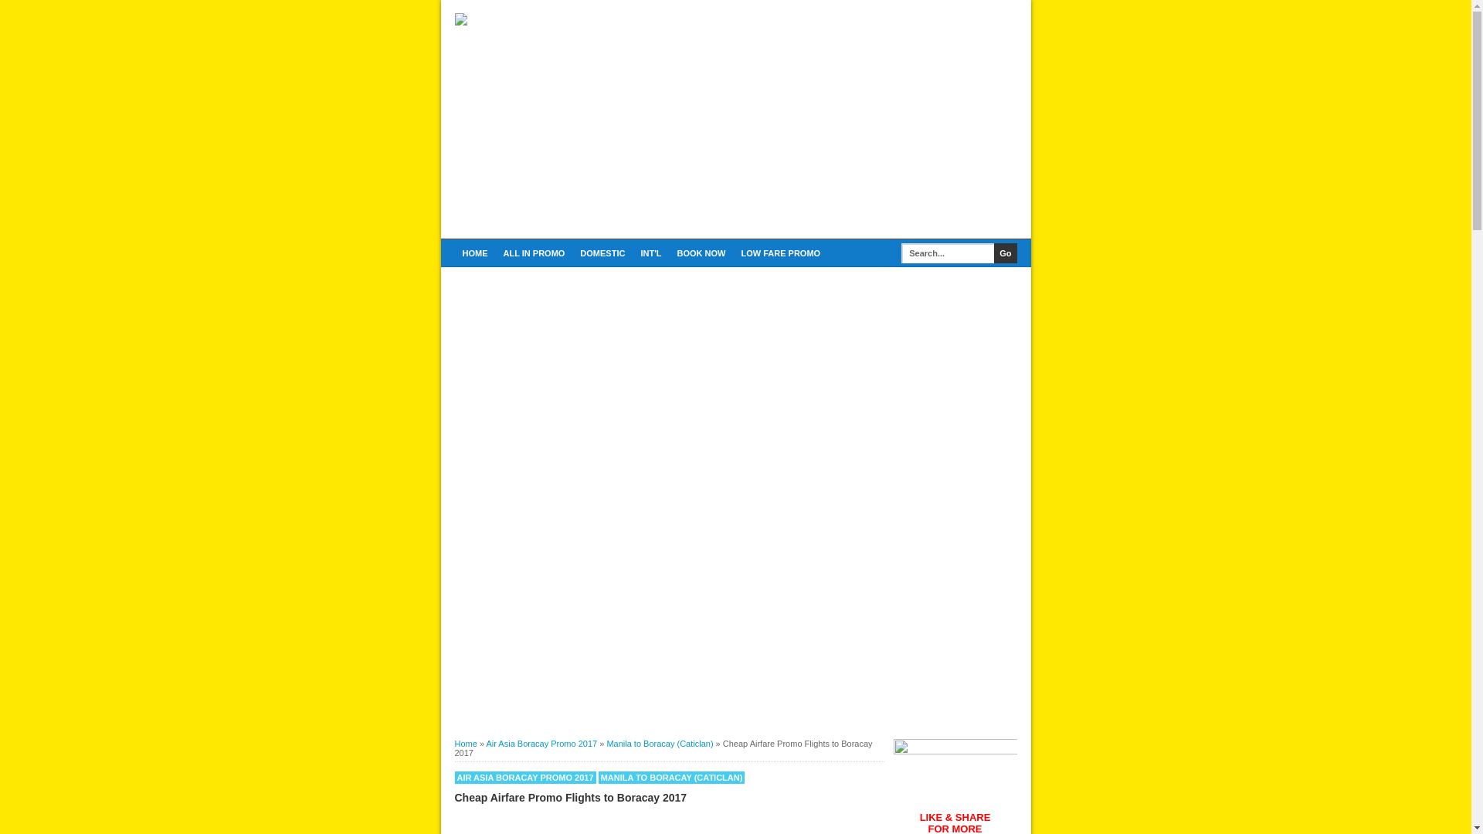 The height and width of the screenshot is (834, 1483). I want to click on 'Go', so click(1005, 252).